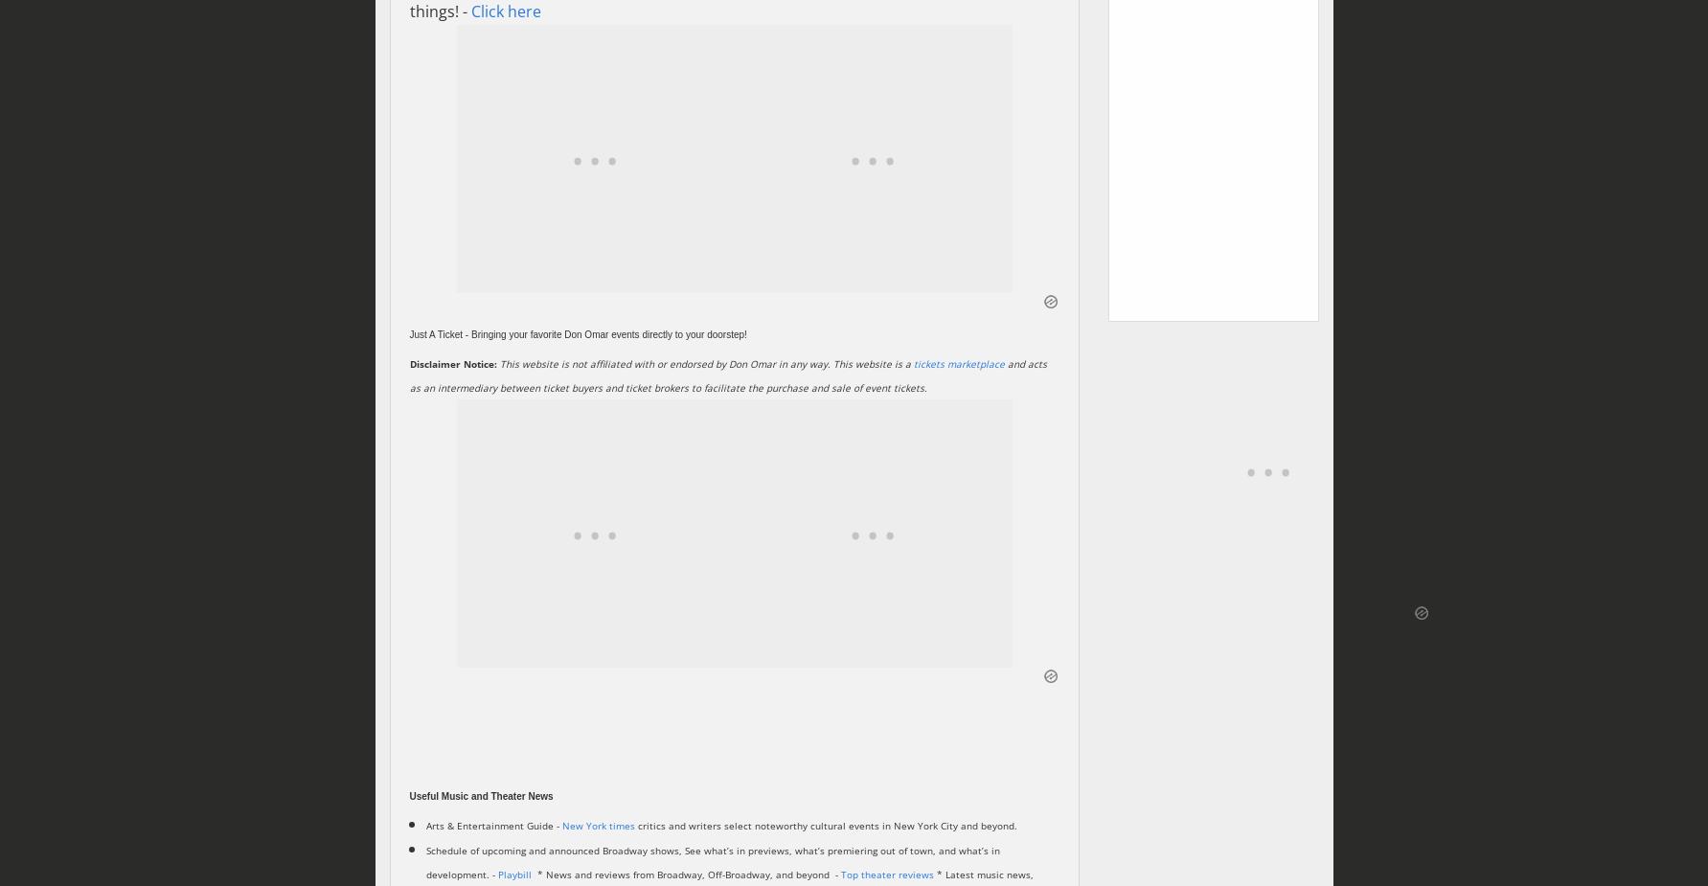 The image size is (1708, 886). What do you see at coordinates (685, 874) in the screenshot?
I see `'* News and reviews from Broadway, Off-Broadway, and beyond  - ‎'` at bounding box center [685, 874].